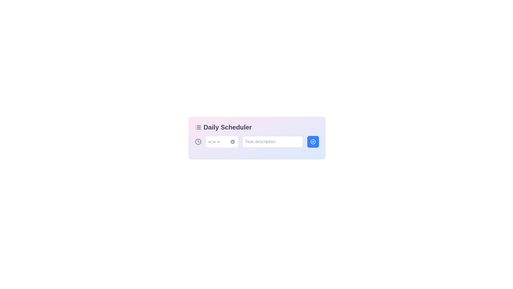 The width and height of the screenshot is (513, 289). Describe the element at coordinates (198, 141) in the screenshot. I see `the clock icon, which is a minimalistic gray circular icon with clock hands, positioned as the leftmost element next to the time input field` at that location.